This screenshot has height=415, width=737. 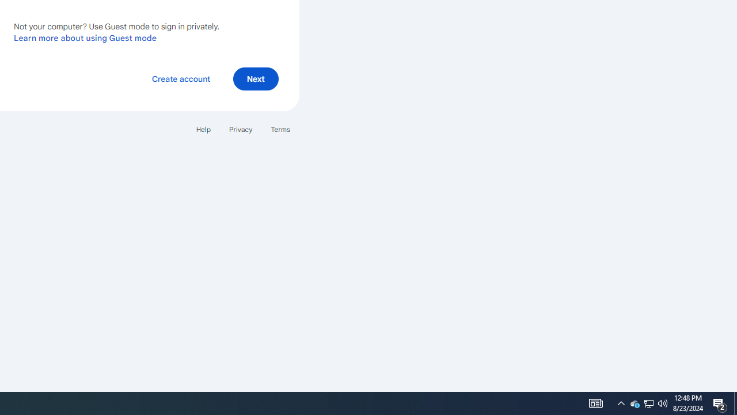 What do you see at coordinates (85, 37) in the screenshot?
I see `'Learn more about using Guest mode'` at bounding box center [85, 37].